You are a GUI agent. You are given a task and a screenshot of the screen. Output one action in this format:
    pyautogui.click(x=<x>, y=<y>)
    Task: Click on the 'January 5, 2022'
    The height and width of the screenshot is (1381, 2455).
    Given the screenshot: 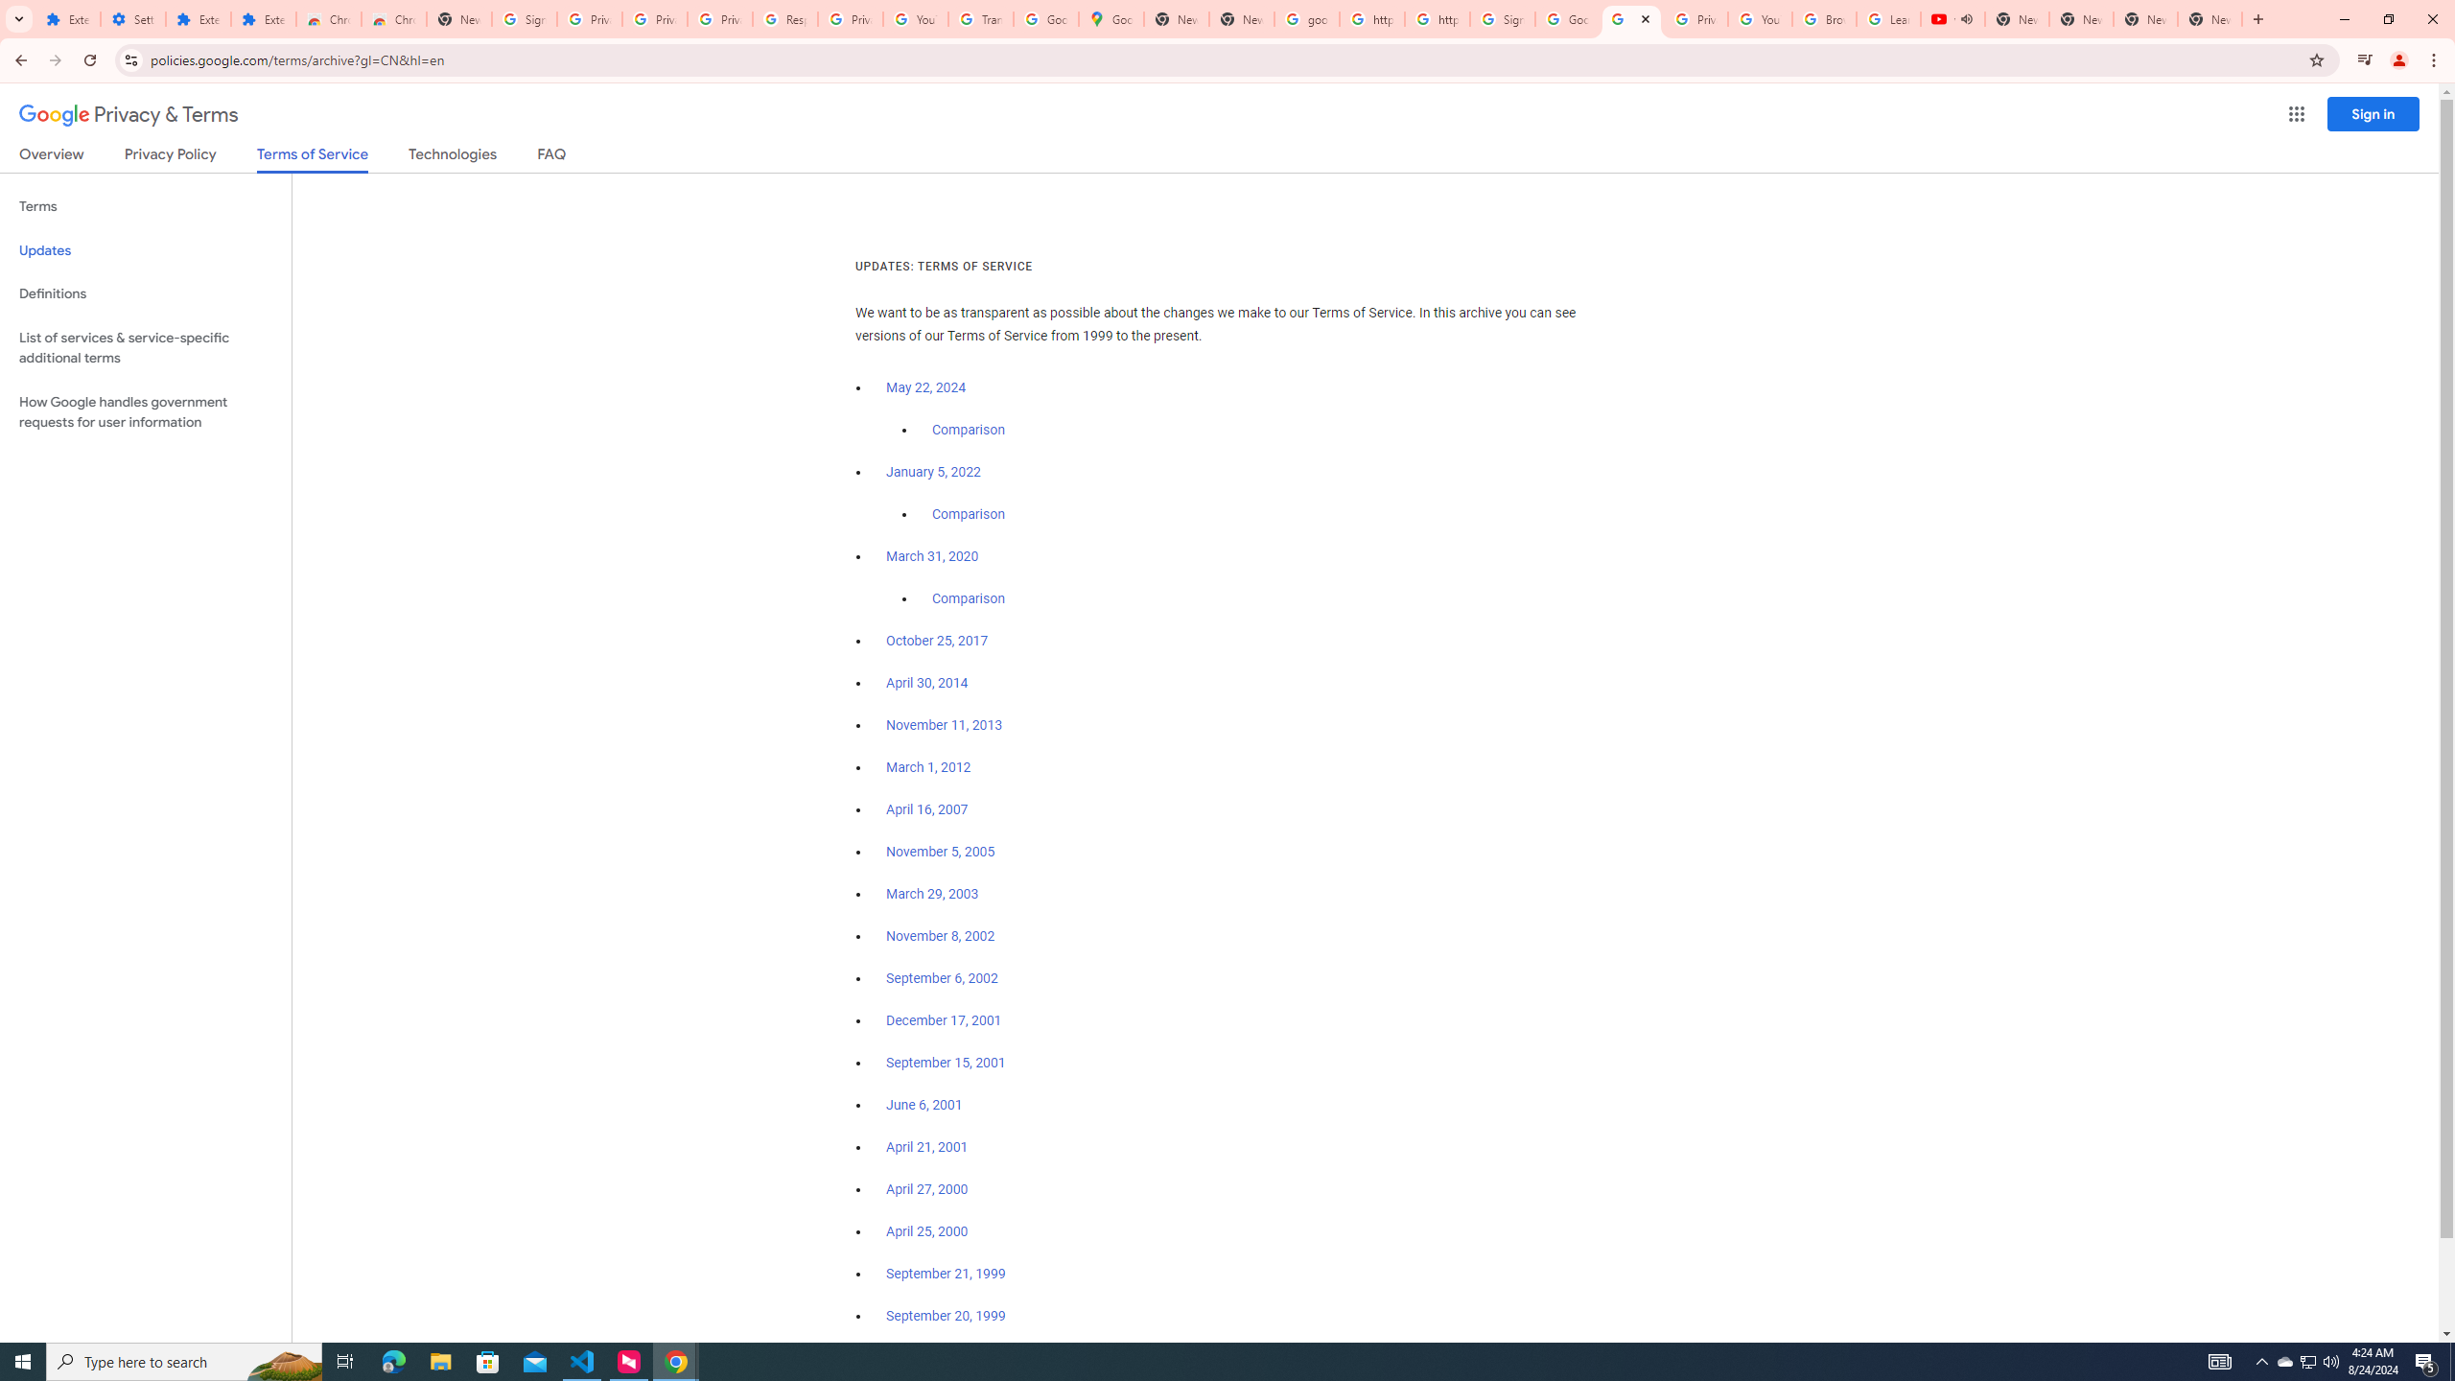 What is the action you would take?
    pyautogui.click(x=934, y=473)
    